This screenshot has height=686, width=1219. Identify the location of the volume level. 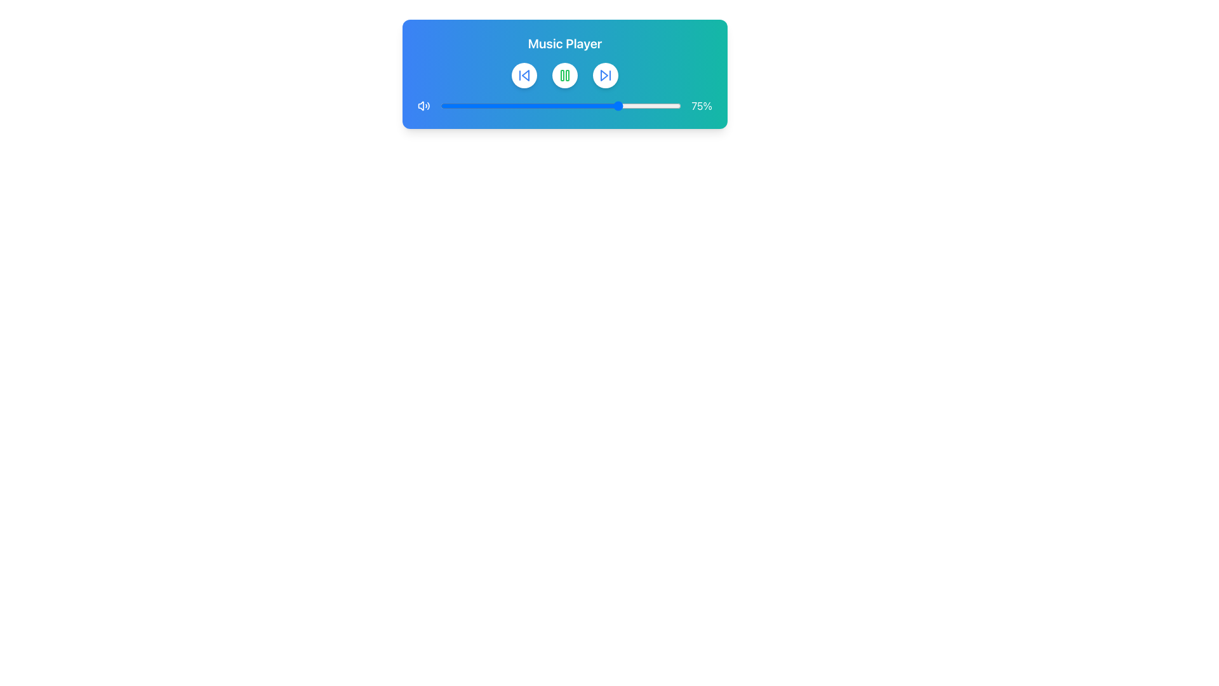
(565, 105).